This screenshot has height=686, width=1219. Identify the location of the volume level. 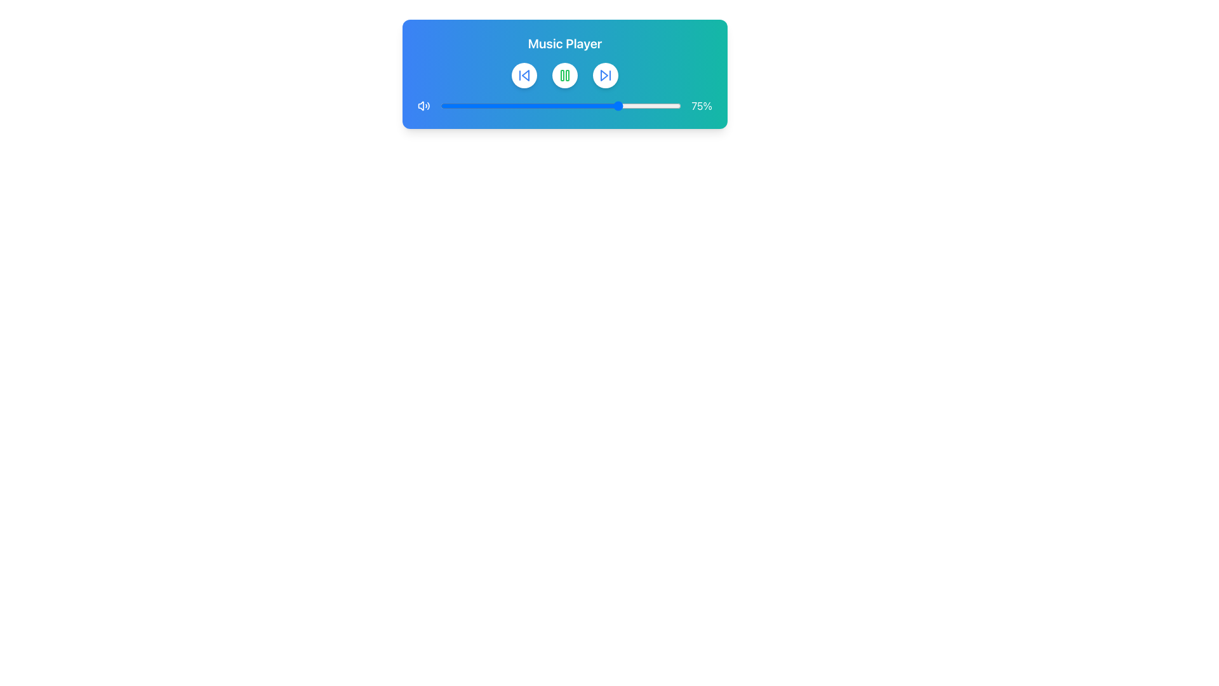
(565, 105).